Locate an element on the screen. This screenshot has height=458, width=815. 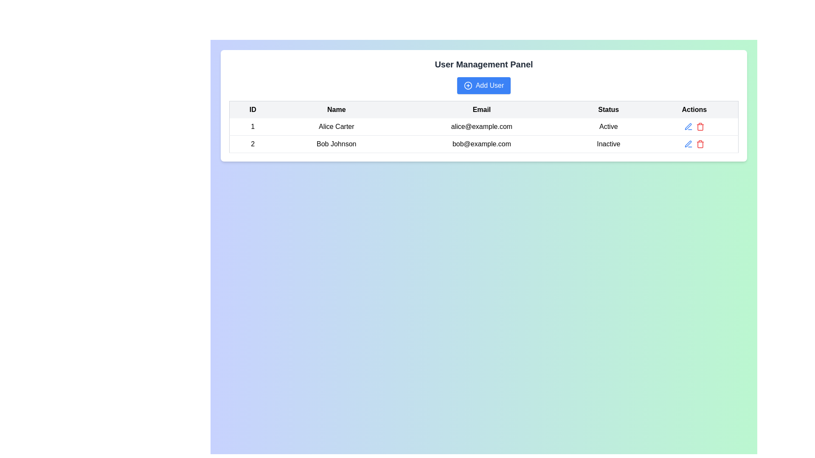
the 'ID' table header to understand the column's data type is located at coordinates (252, 109).